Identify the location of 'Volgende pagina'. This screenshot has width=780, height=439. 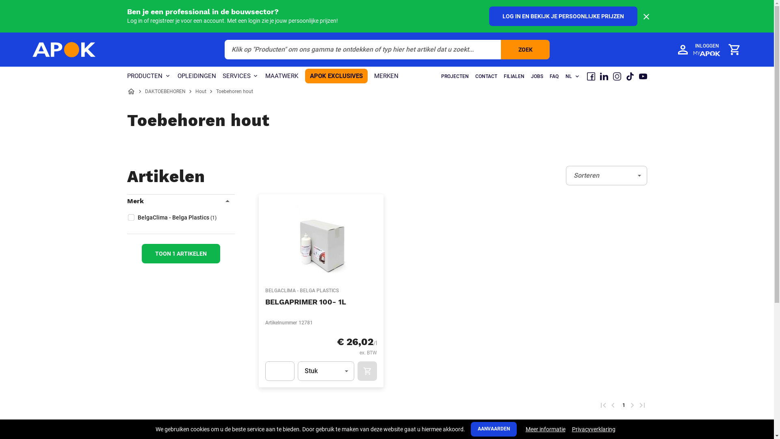
(627, 405).